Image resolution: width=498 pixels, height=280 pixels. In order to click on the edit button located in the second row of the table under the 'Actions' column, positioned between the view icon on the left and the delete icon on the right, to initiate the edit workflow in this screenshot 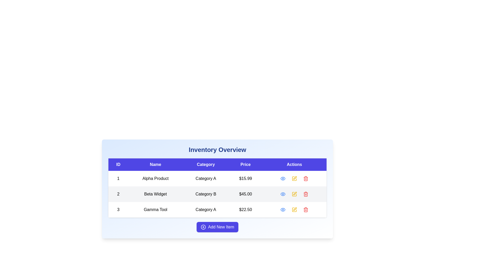, I will do `click(295, 193)`.